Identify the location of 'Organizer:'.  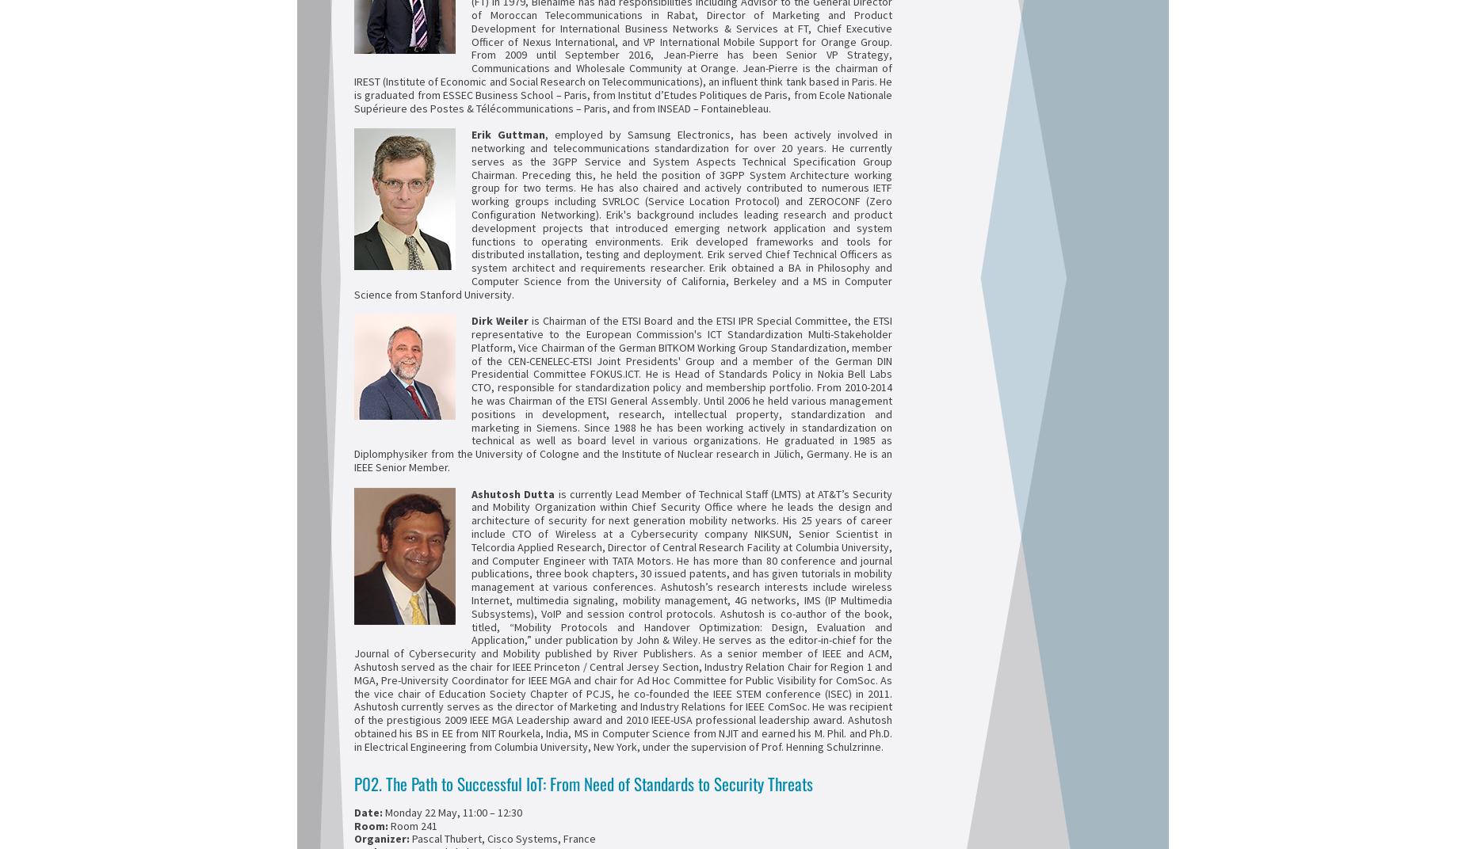
(381, 839).